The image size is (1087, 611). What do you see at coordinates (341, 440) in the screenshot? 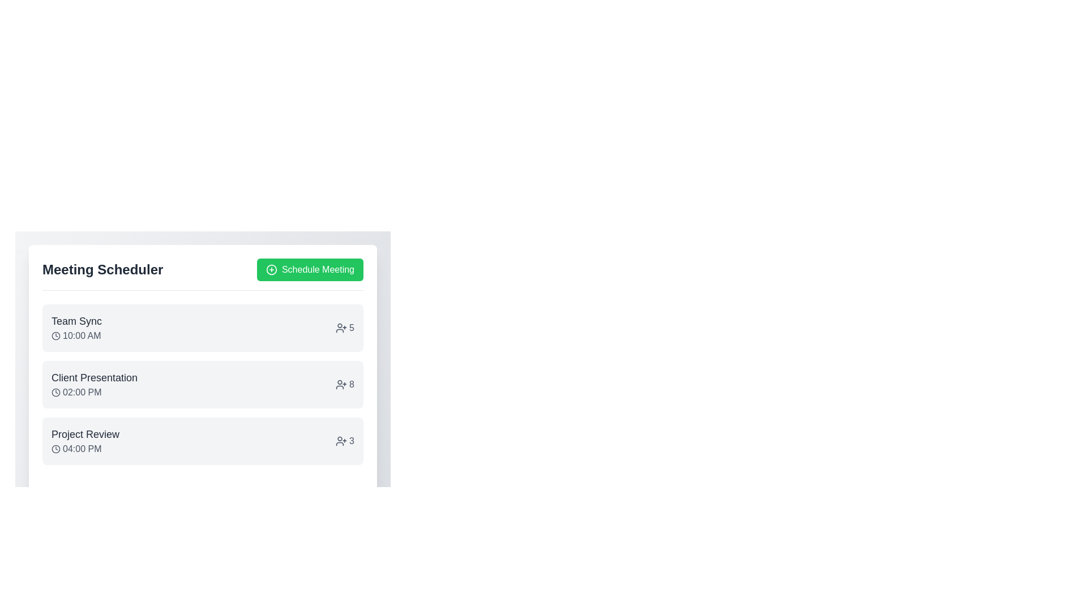
I see `the user silhouette icon with a plus sign, located next to the text label '3'` at bounding box center [341, 440].